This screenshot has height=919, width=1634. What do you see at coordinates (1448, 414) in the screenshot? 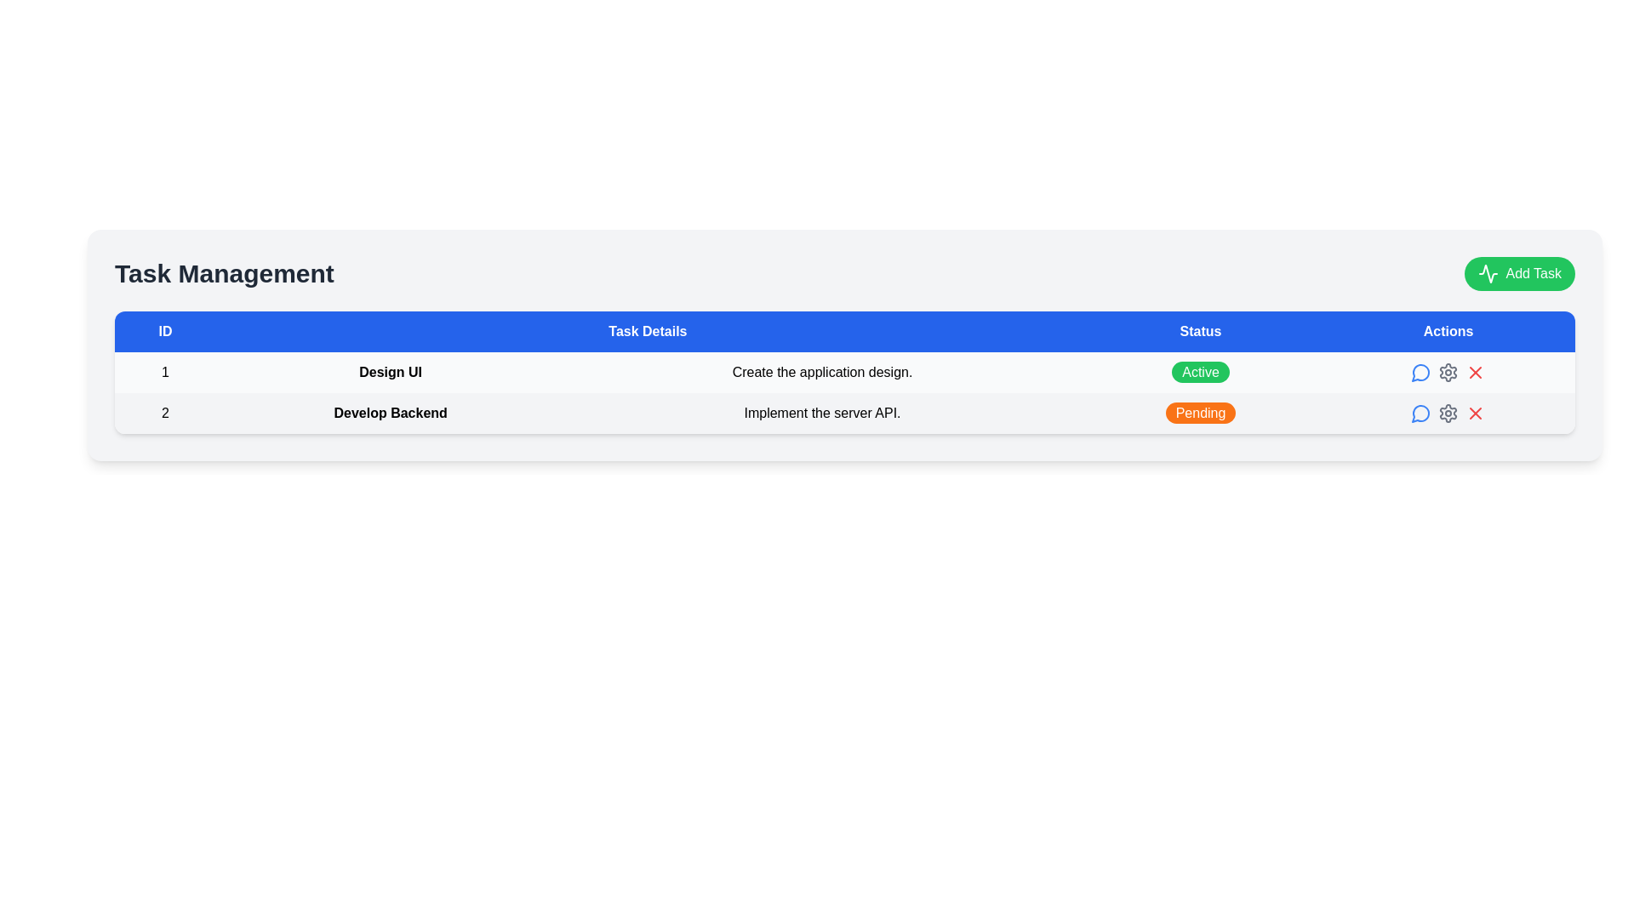
I see `the settings button, which is the second icon from the left` at bounding box center [1448, 414].